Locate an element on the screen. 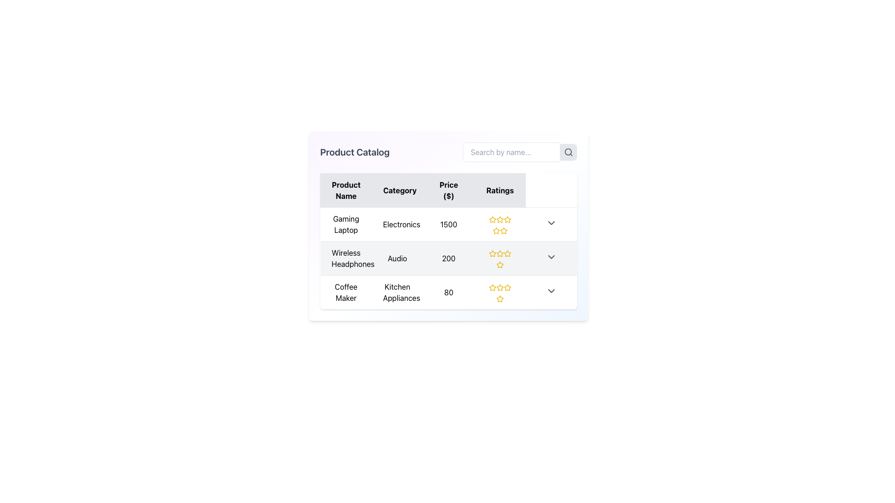  the third star in the rating row for the product 'Gaming Laptop' in the 'Ratings' column is located at coordinates (496, 231).